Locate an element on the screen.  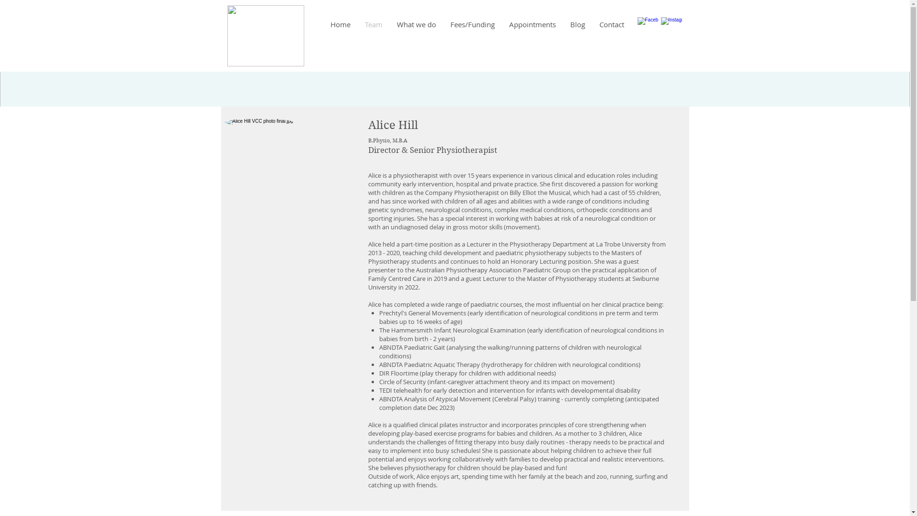
'Blog' is located at coordinates (562, 23).